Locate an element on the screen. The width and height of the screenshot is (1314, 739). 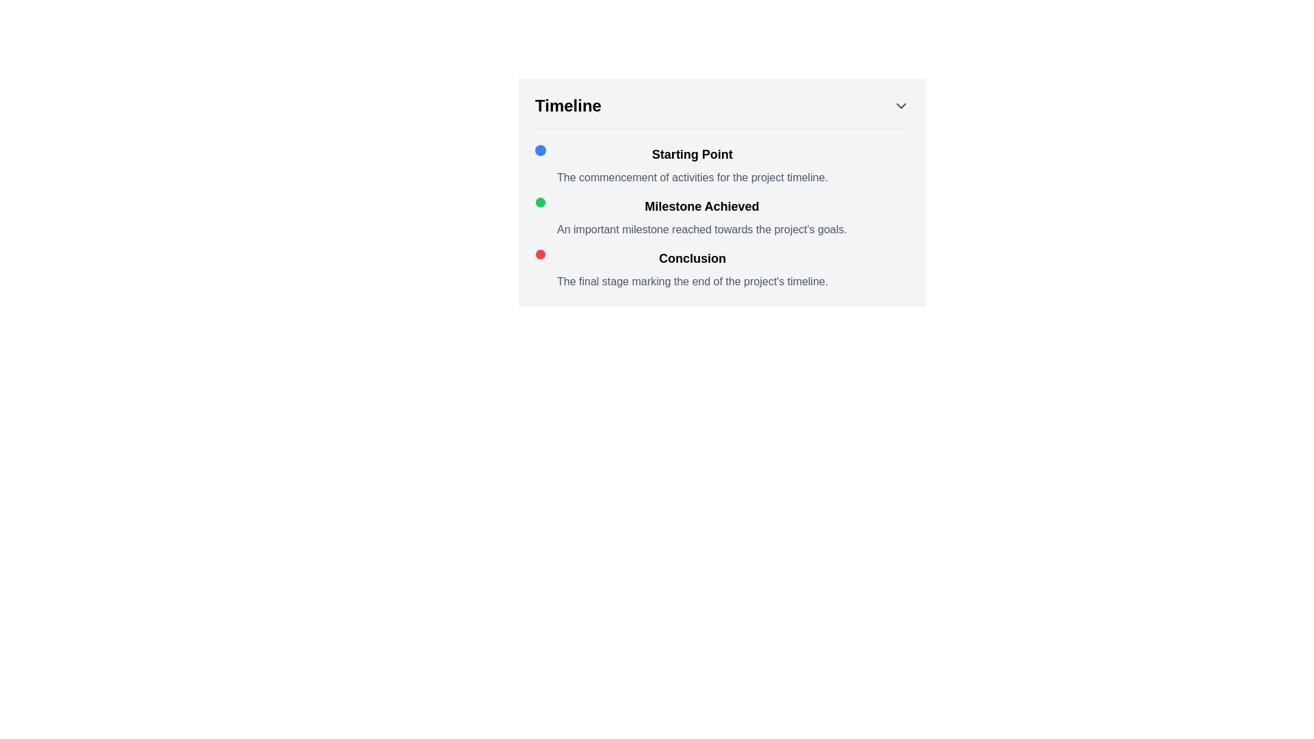
the marker component that signifies the starting point in the timeline representation, which consists of a circle and a vertical line, located near the top-left corner of the card-like section labeled 'Timeline' is located at coordinates (540, 150).